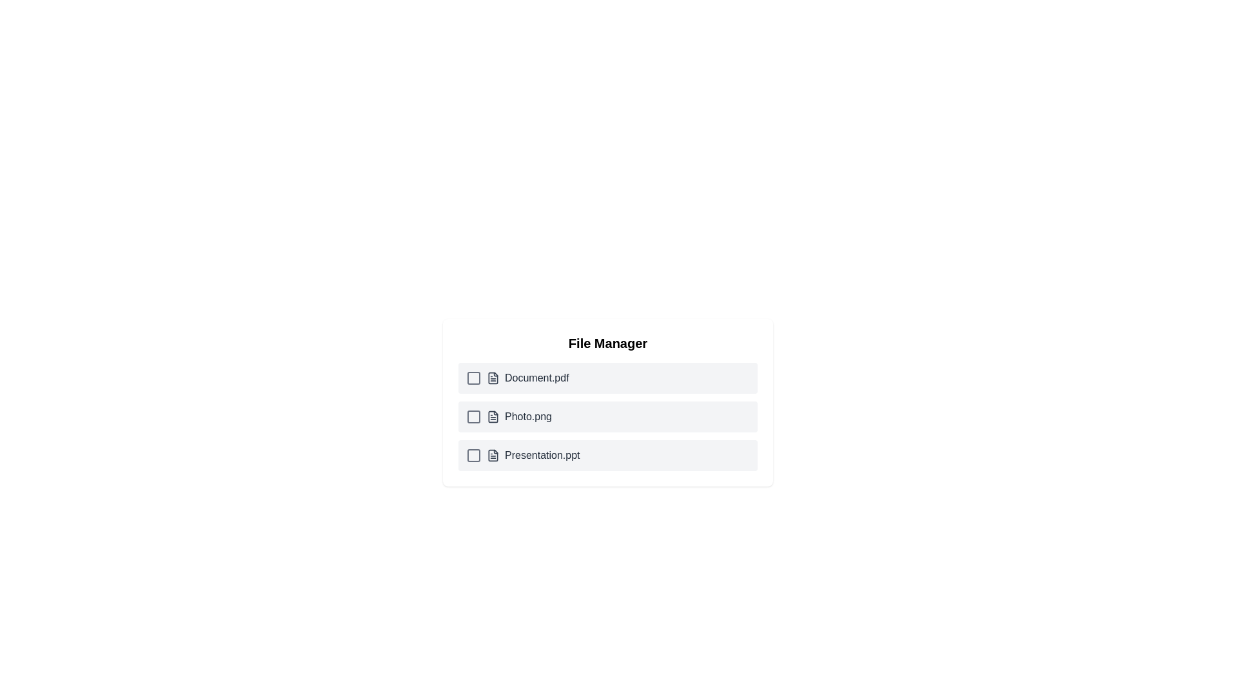 This screenshot has width=1238, height=696. I want to click on the list item labeled 'Photo.png', so click(607, 401).